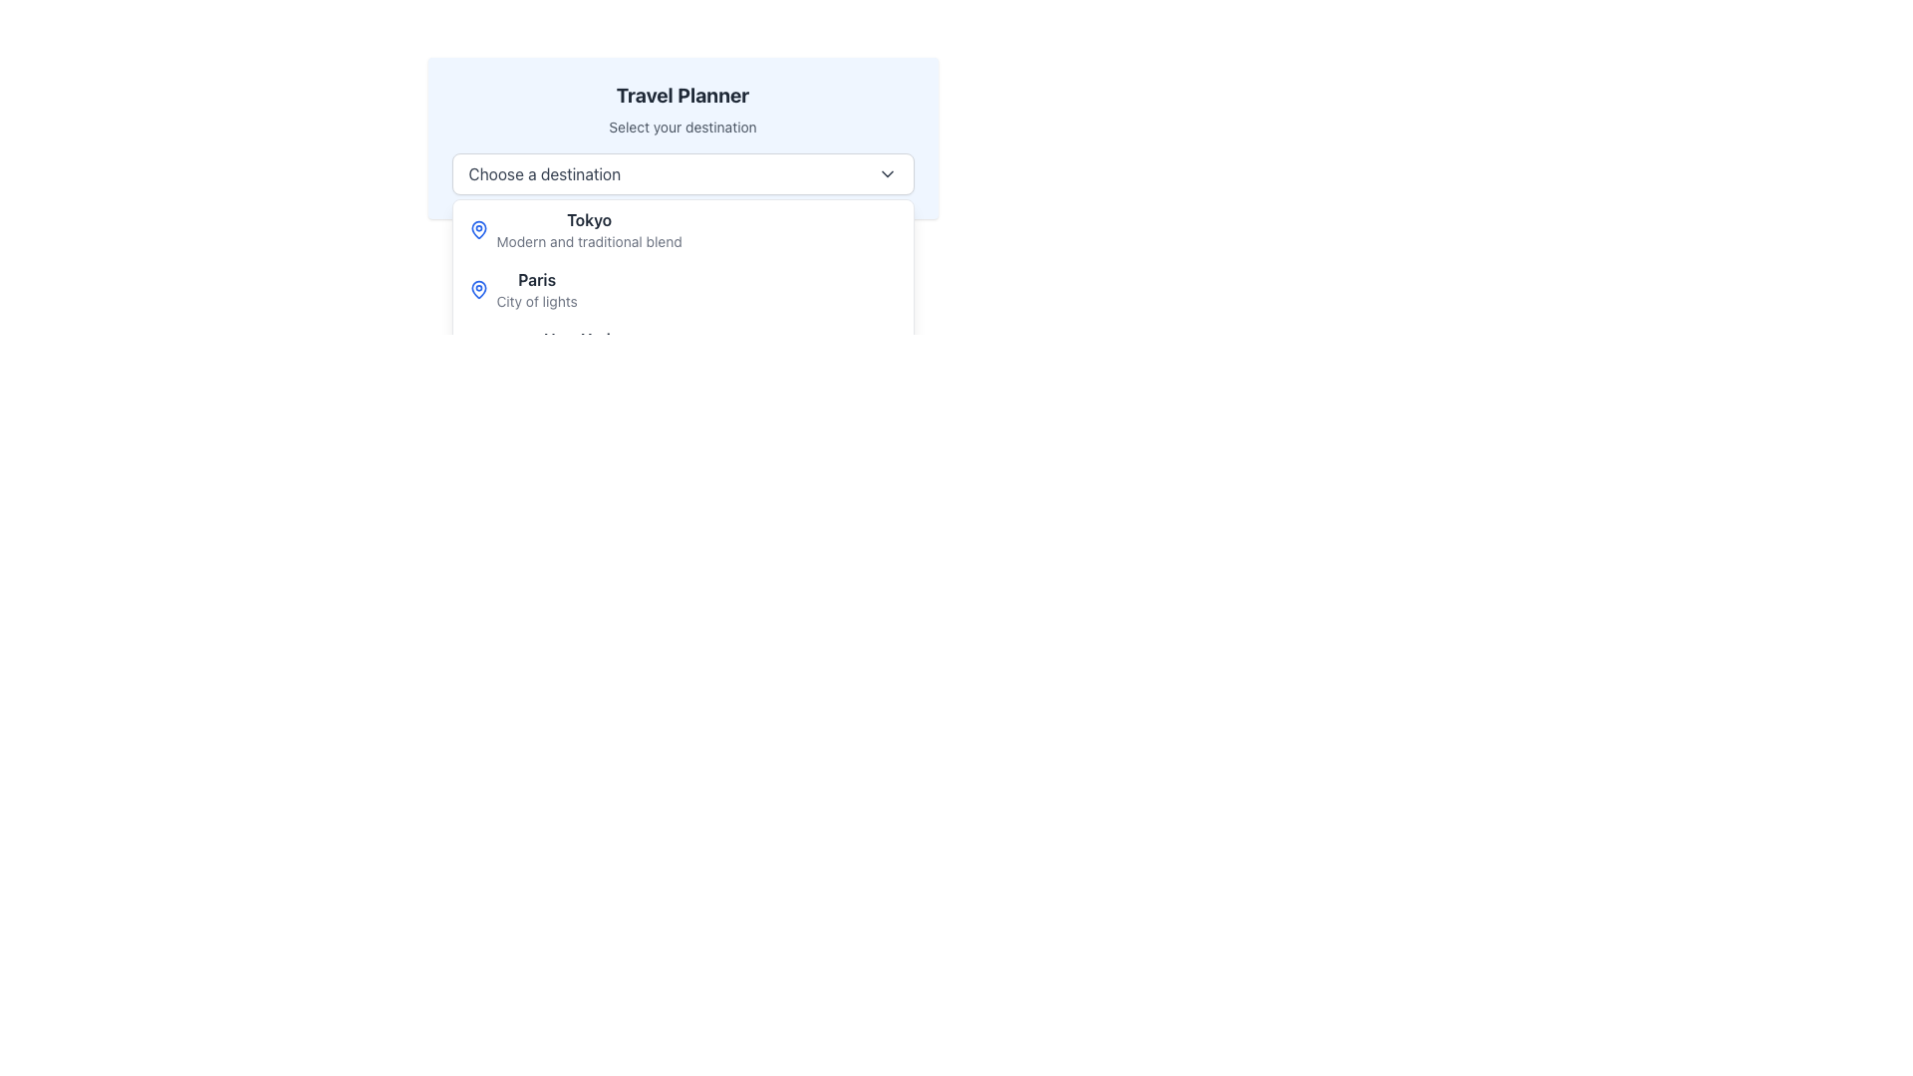  I want to click on the first selectable destination option in the travel planner interface, located below the 'Choose a destination' dropdown menu, so click(683, 229).